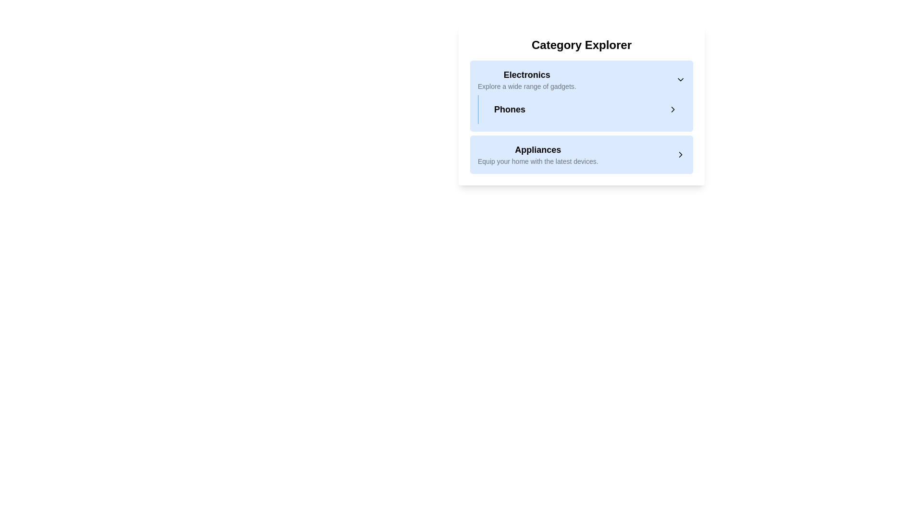 The width and height of the screenshot is (923, 519). What do you see at coordinates (526, 86) in the screenshot?
I see `the static text informational label located below the 'Electronics' title, which serves as a descriptive subtitle` at bounding box center [526, 86].